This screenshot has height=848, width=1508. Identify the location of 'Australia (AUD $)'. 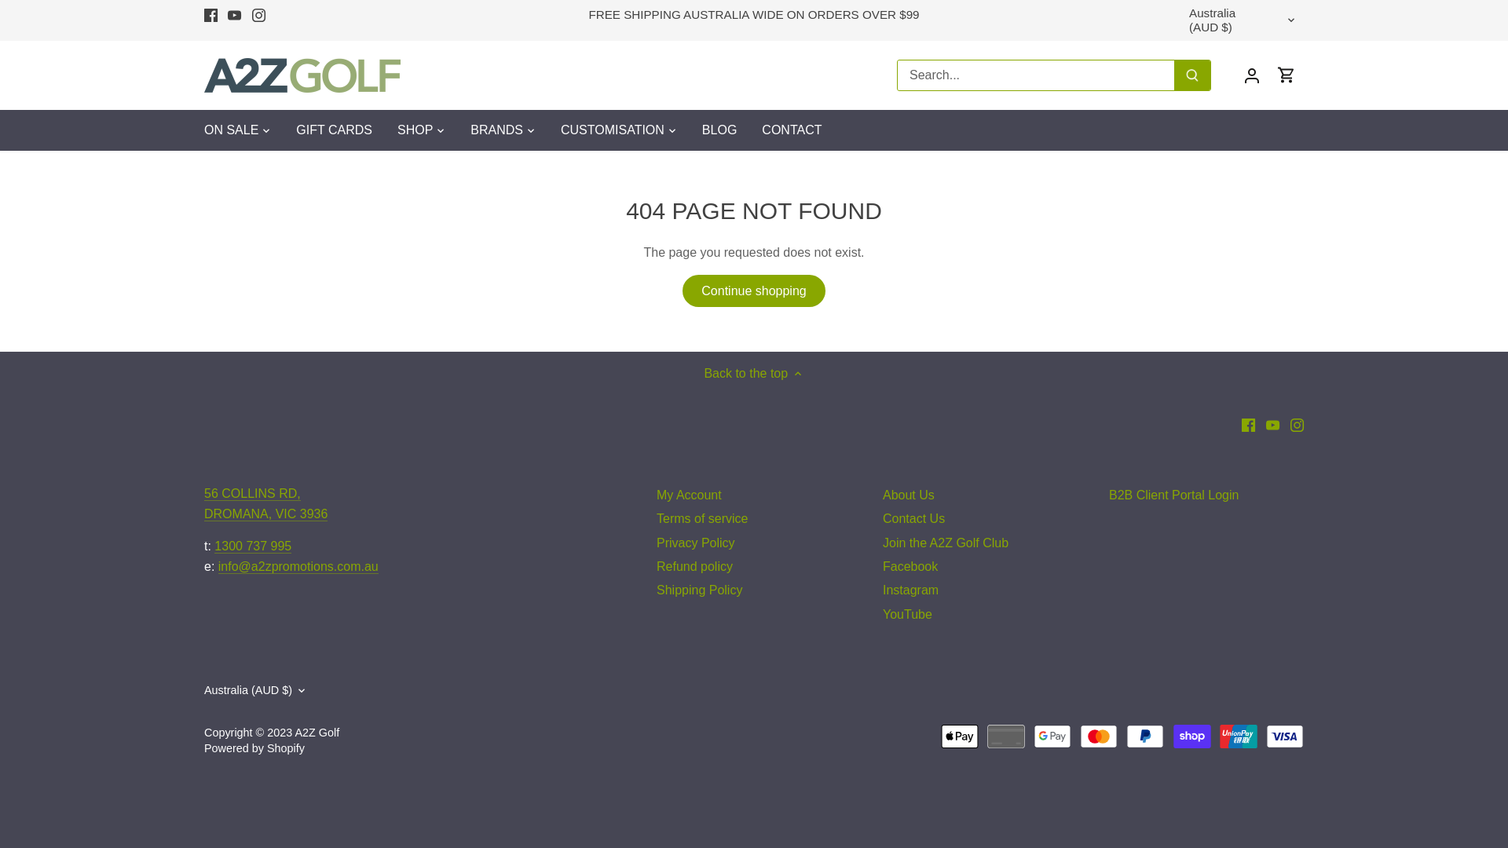
(203, 689).